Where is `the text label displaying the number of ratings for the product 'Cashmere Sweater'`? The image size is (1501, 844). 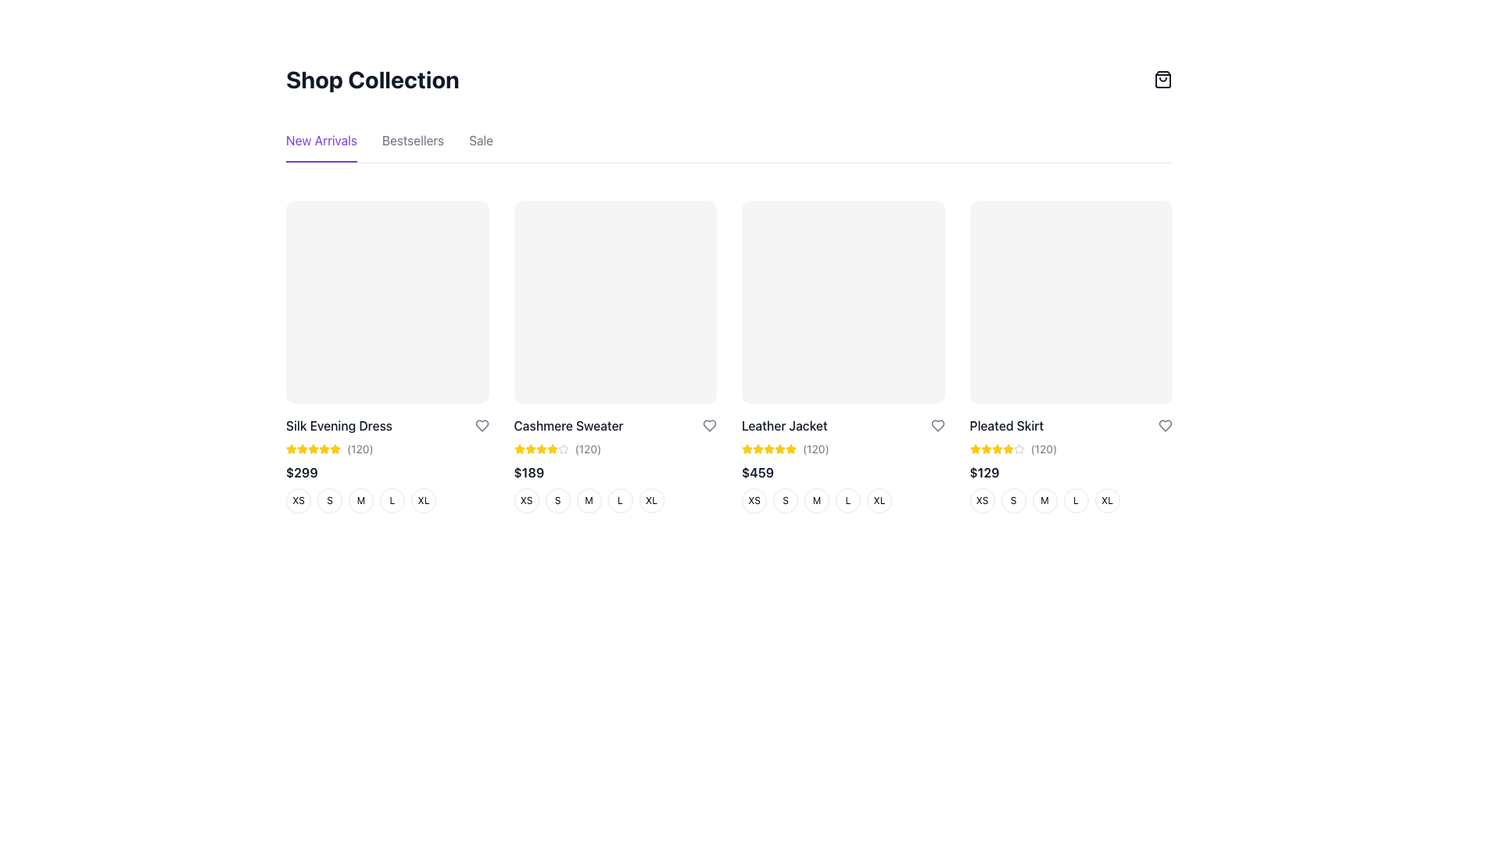 the text label displaying the number of ratings for the product 'Cashmere Sweater' is located at coordinates (587, 449).